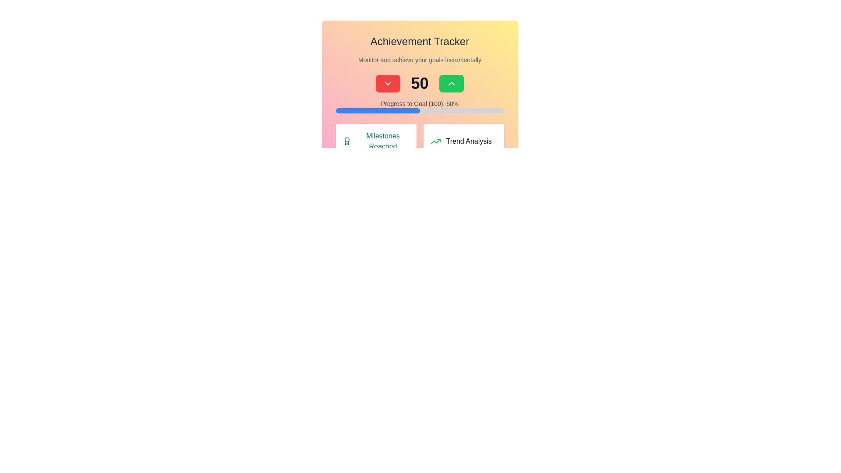 The height and width of the screenshot is (473, 841). What do you see at coordinates (419, 96) in the screenshot?
I see `the Dashboard module card that summarizes progress towards a goal, located in the upper-middle area of the page` at bounding box center [419, 96].